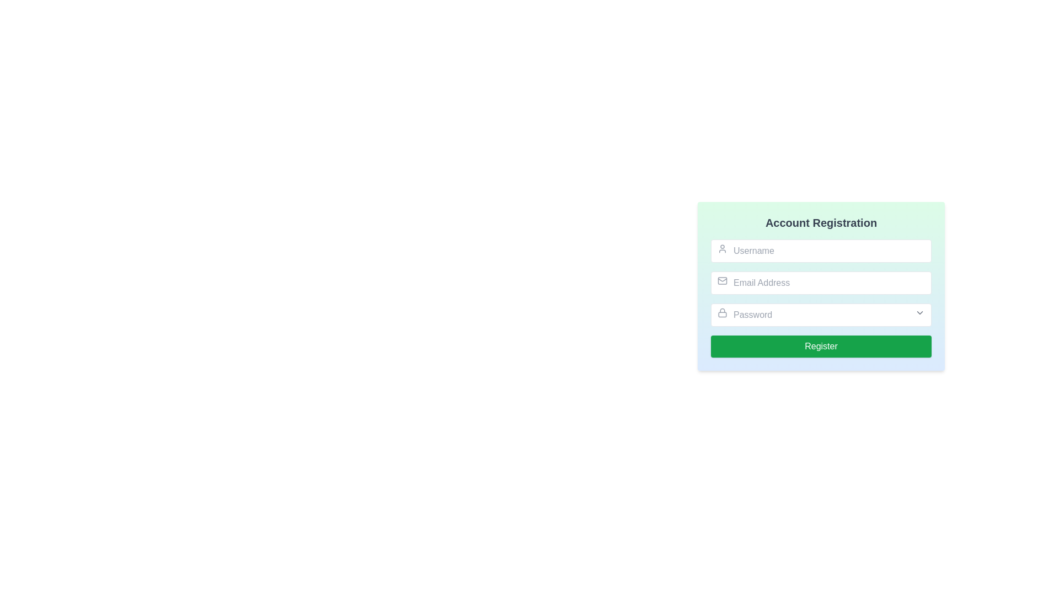  What do you see at coordinates (821, 346) in the screenshot?
I see `the submission button located at the bottom of the registration form` at bounding box center [821, 346].